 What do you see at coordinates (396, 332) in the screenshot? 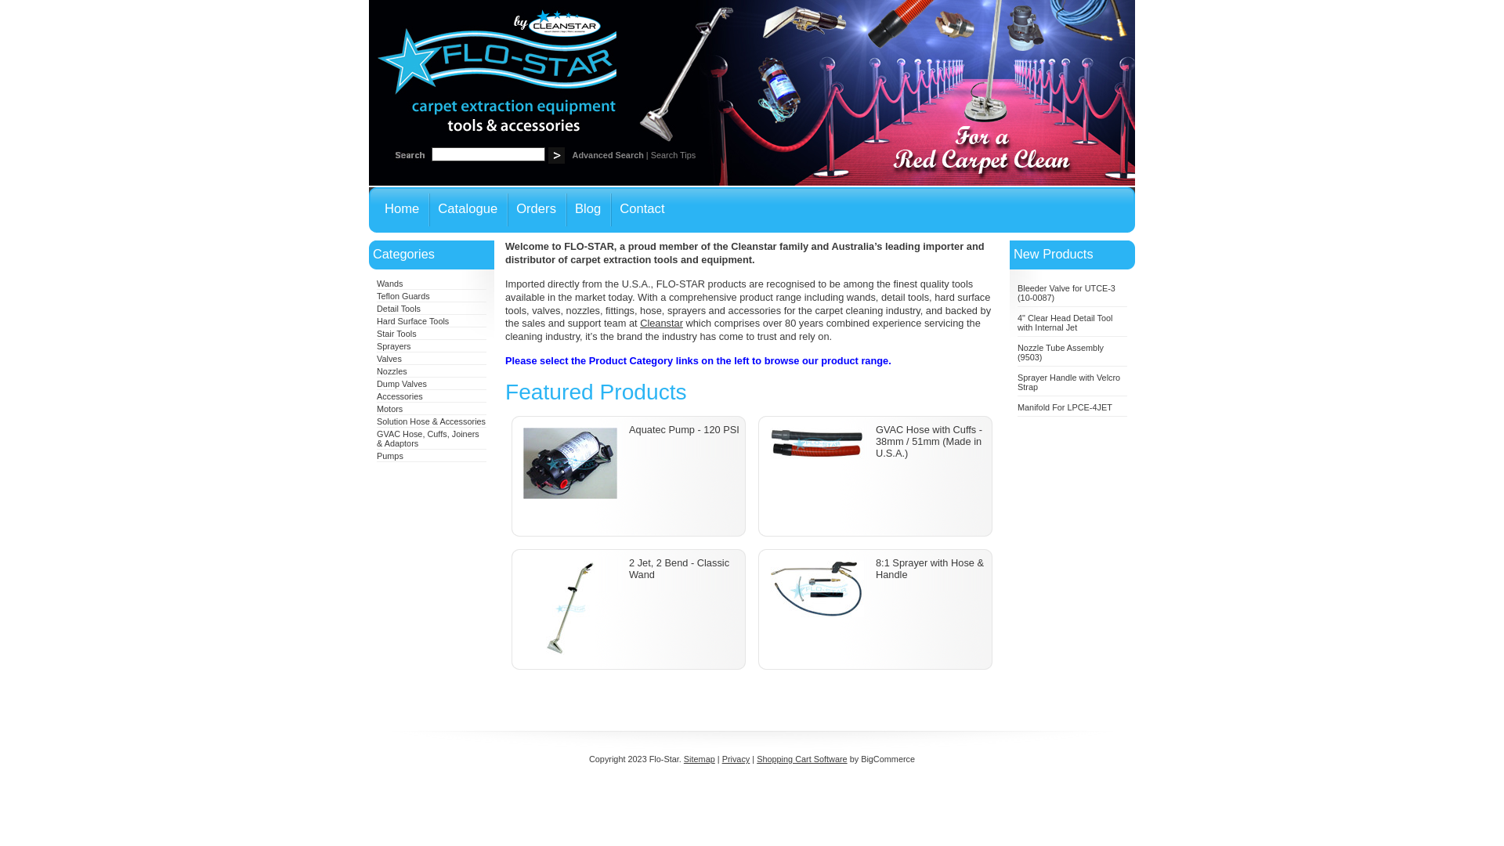
I see `'Stair Tools'` at bounding box center [396, 332].